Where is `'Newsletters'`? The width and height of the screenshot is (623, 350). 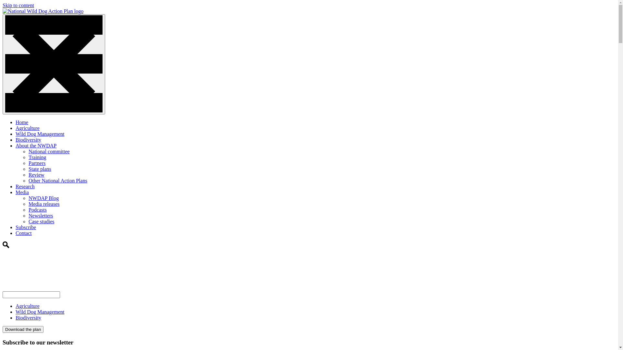 'Newsletters' is located at coordinates (40, 216).